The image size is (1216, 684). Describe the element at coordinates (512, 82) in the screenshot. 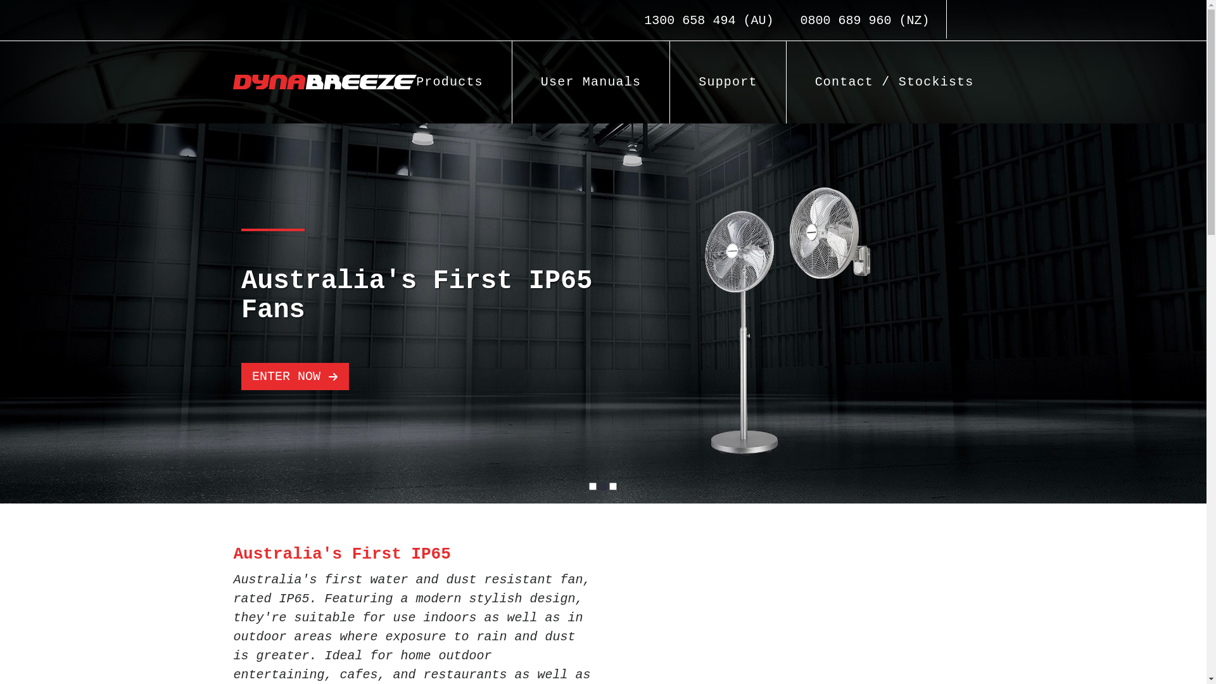

I see `'User Manuals'` at that location.